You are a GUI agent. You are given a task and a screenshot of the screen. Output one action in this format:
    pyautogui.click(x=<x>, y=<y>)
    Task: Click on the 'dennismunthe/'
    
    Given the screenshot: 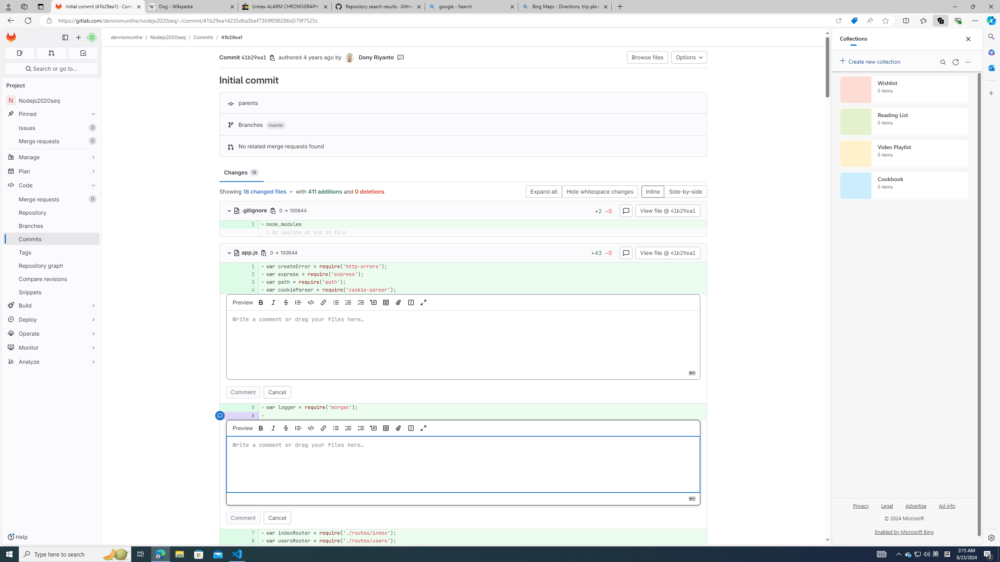 What is the action you would take?
    pyautogui.click(x=130, y=37)
    